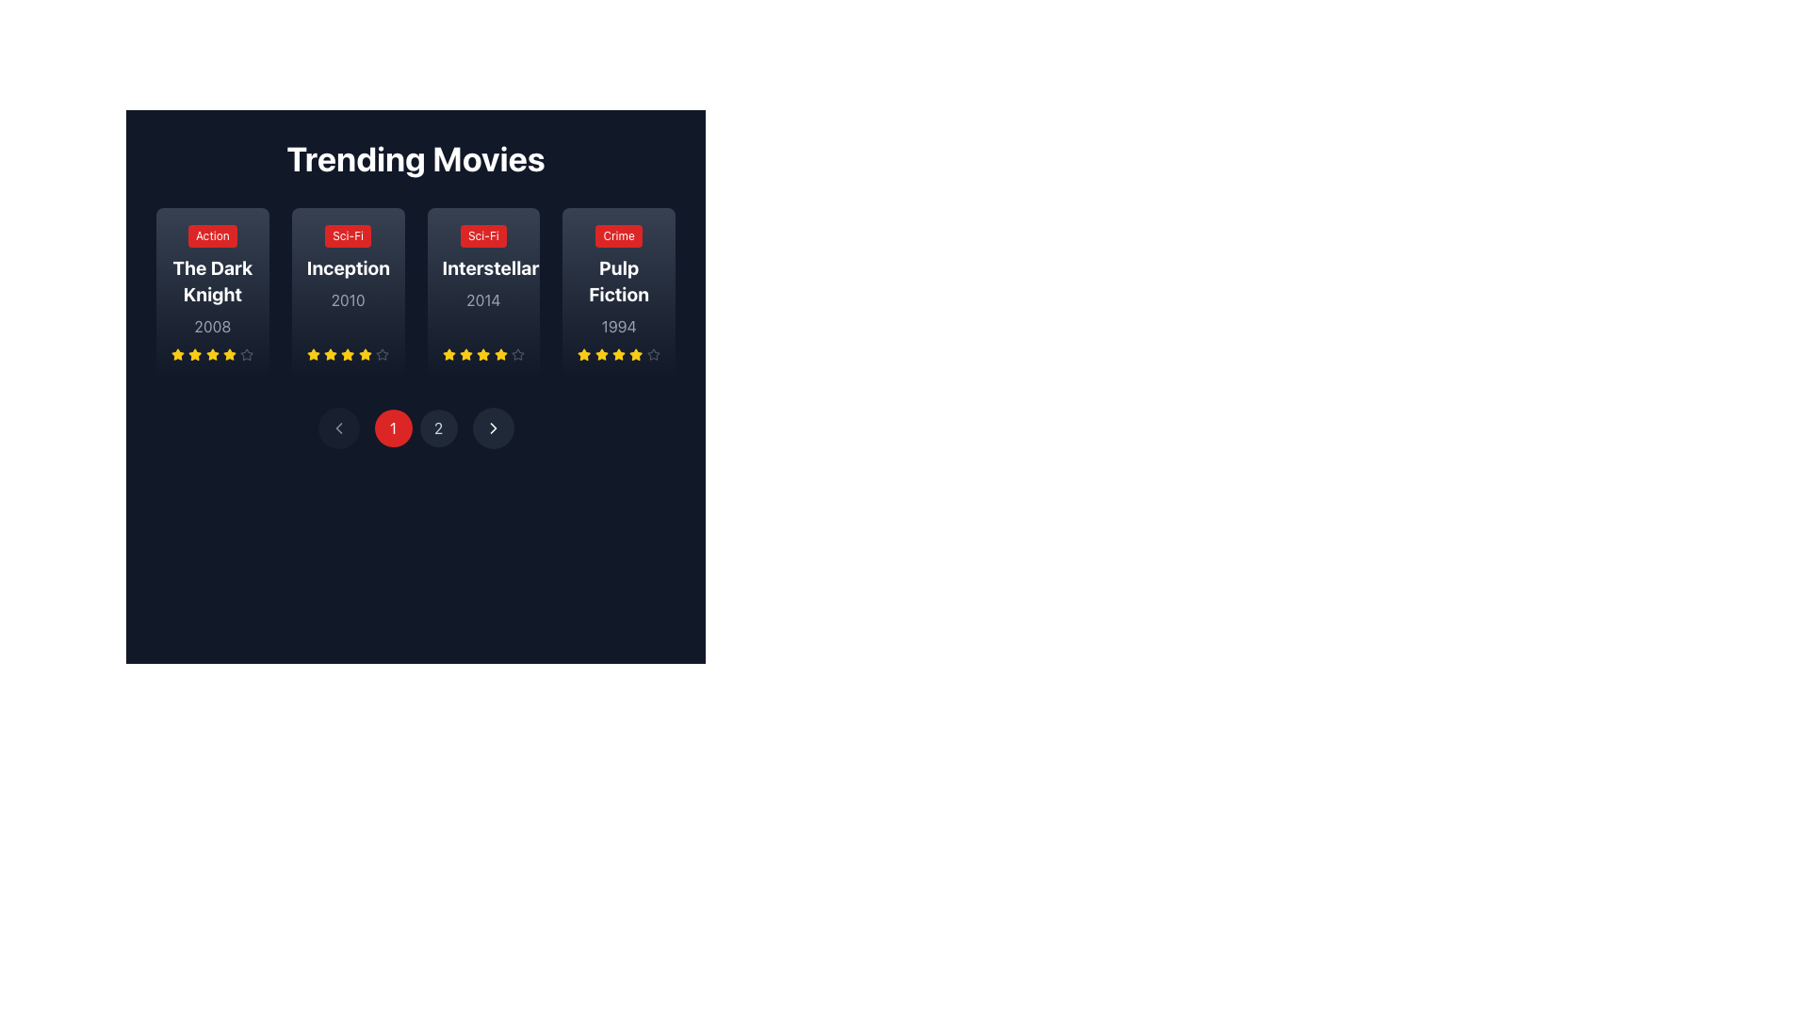 This screenshot has width=1809, height=1017. Describe the element at coordinates (483, 354) in the screenshot. I see `the third star icon in the star rating system for the movie 'Interstellar'` at that location.